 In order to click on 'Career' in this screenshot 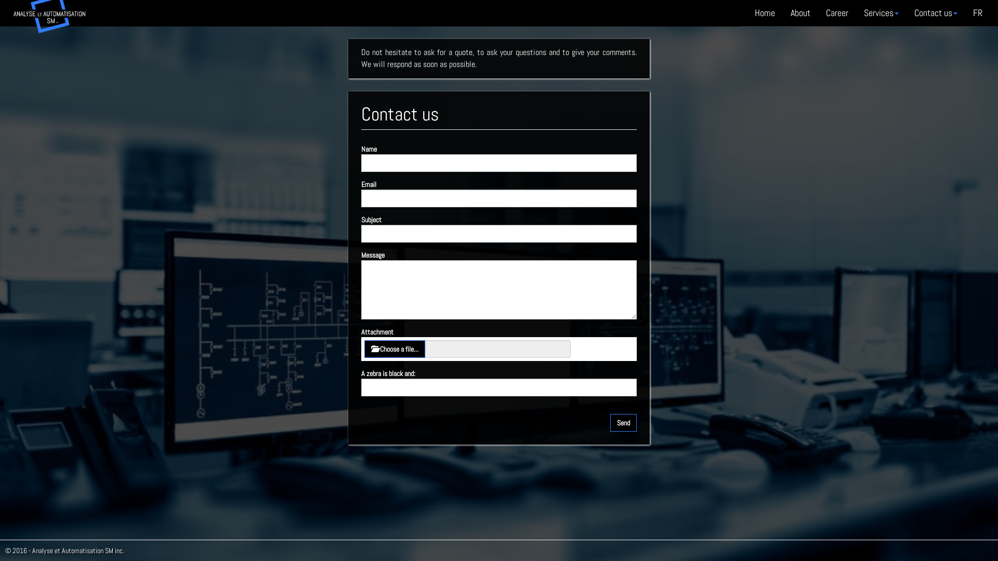, I will do `click(837, 12)`.